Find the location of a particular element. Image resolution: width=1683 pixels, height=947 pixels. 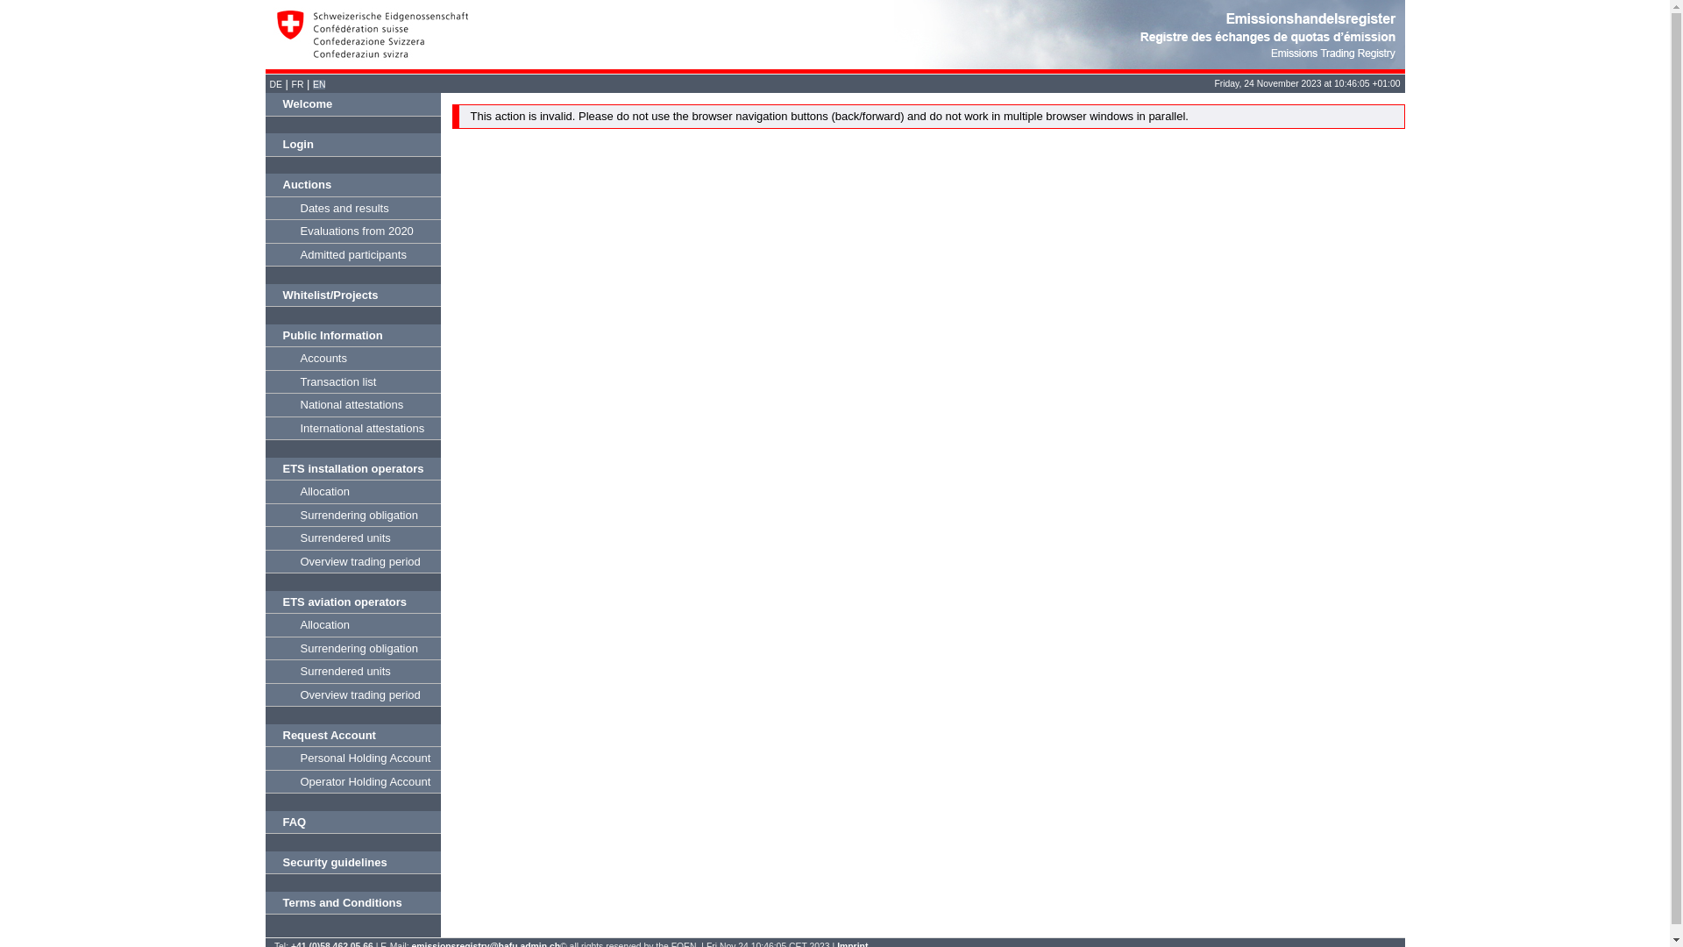

'Evaluations from 2020' is located at coordinates (352, 231).